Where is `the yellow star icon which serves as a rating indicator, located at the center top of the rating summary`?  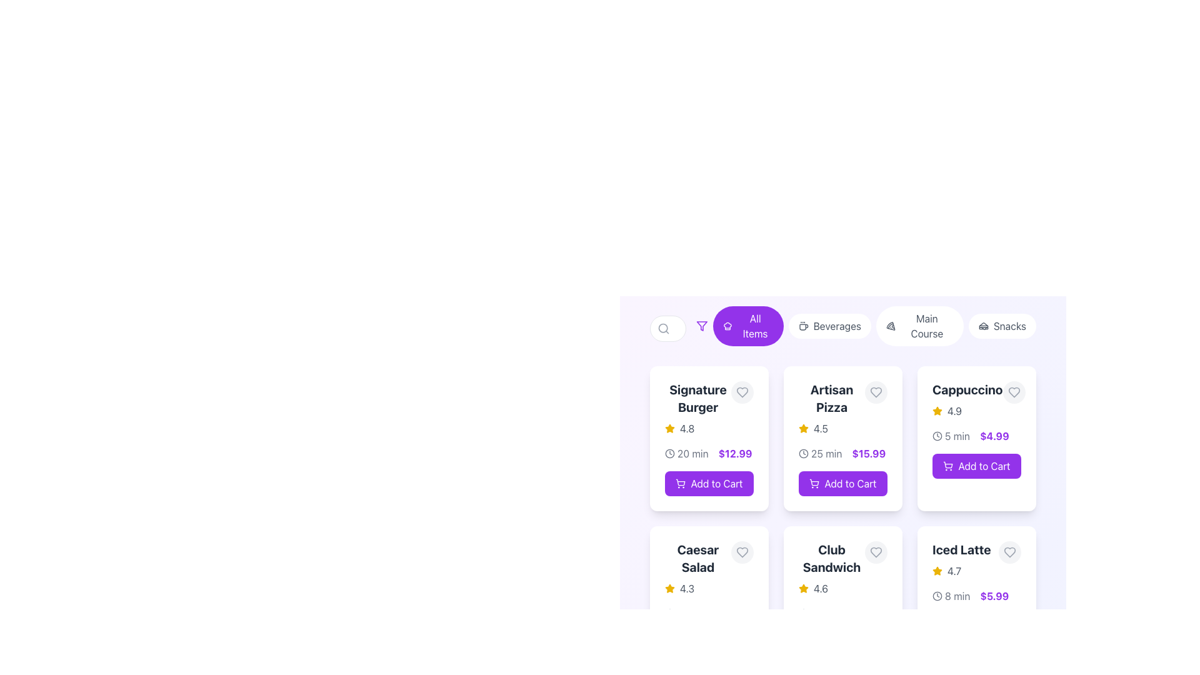
the yellow star icon which serves as a rating indicator, located at the center top of the rating summary is located at coordinates (804, 428).